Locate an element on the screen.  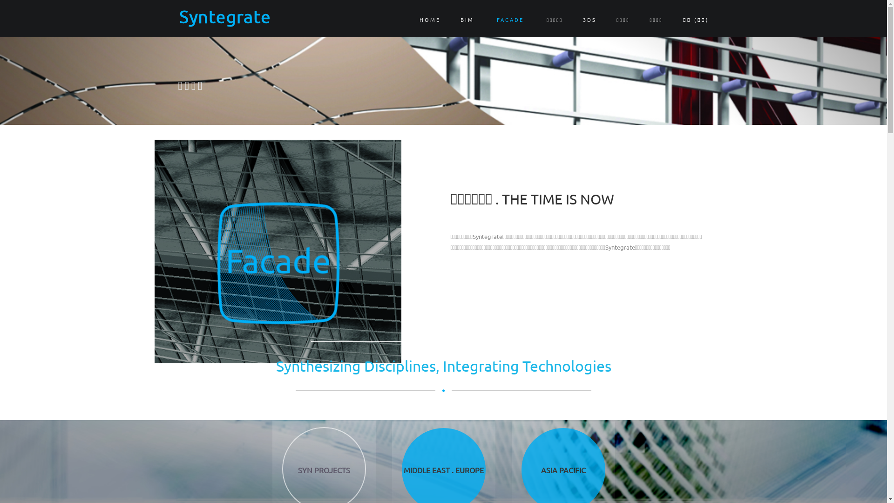
'3DS' is located at coordinates (589, 21).